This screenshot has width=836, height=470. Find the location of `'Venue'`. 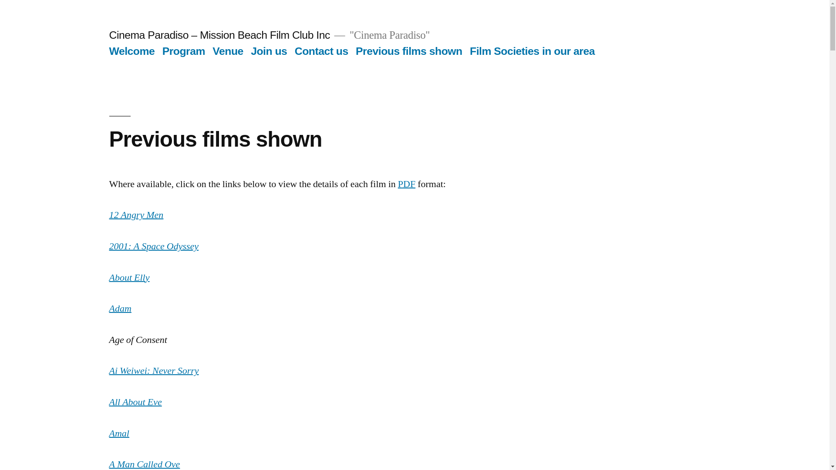

'Venue' is located at coordinates (228, 51).